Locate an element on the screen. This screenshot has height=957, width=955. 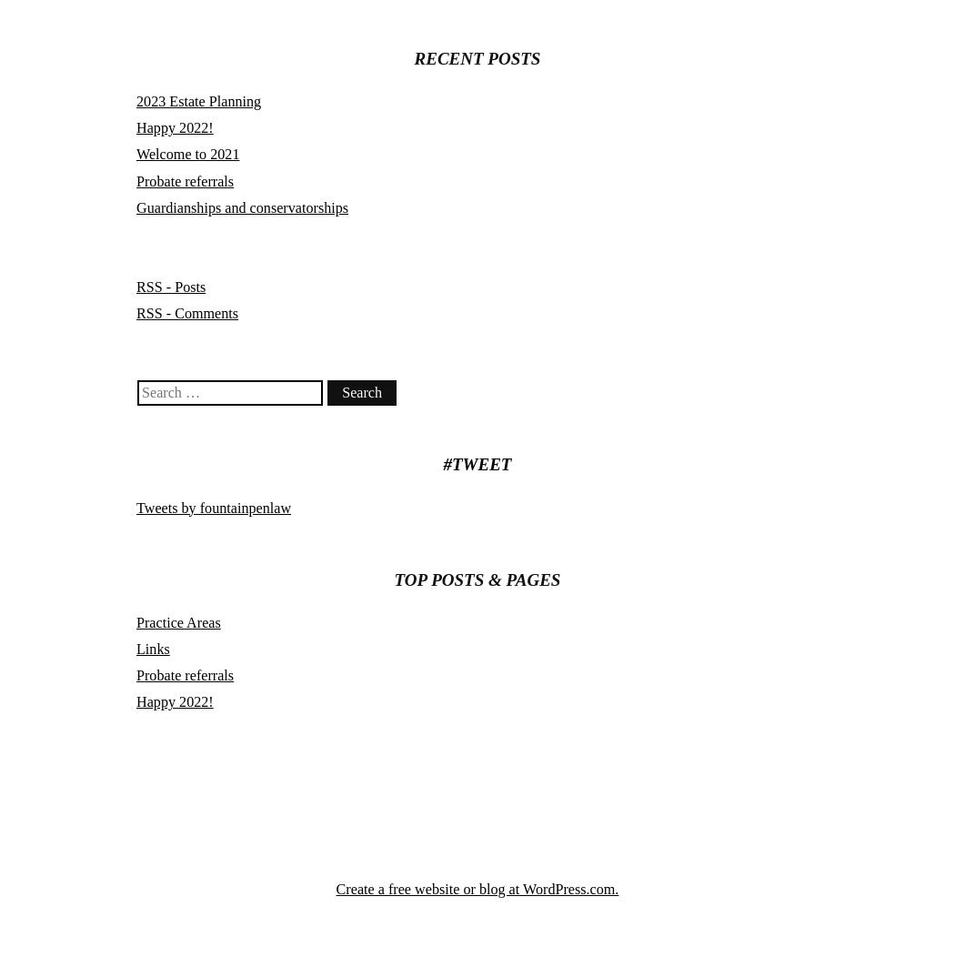
'2023 Estate Planning' is located at coordinates (197, 101).